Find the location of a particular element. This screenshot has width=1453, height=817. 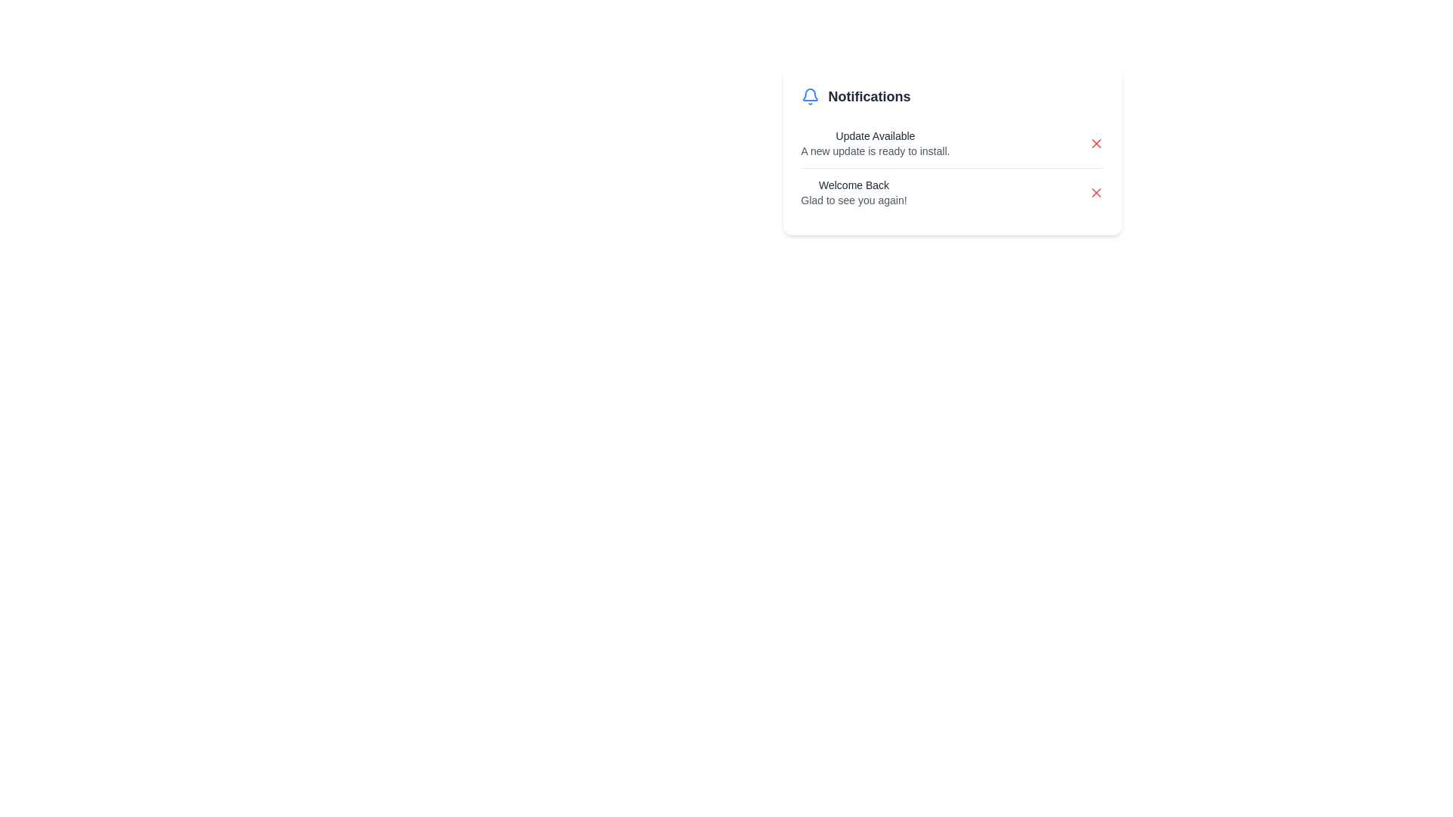

the blue bell icon located in the top-left area of the notification card, which is positioned to the left of the 'Notifications' title is located at coordinates (809, 95).